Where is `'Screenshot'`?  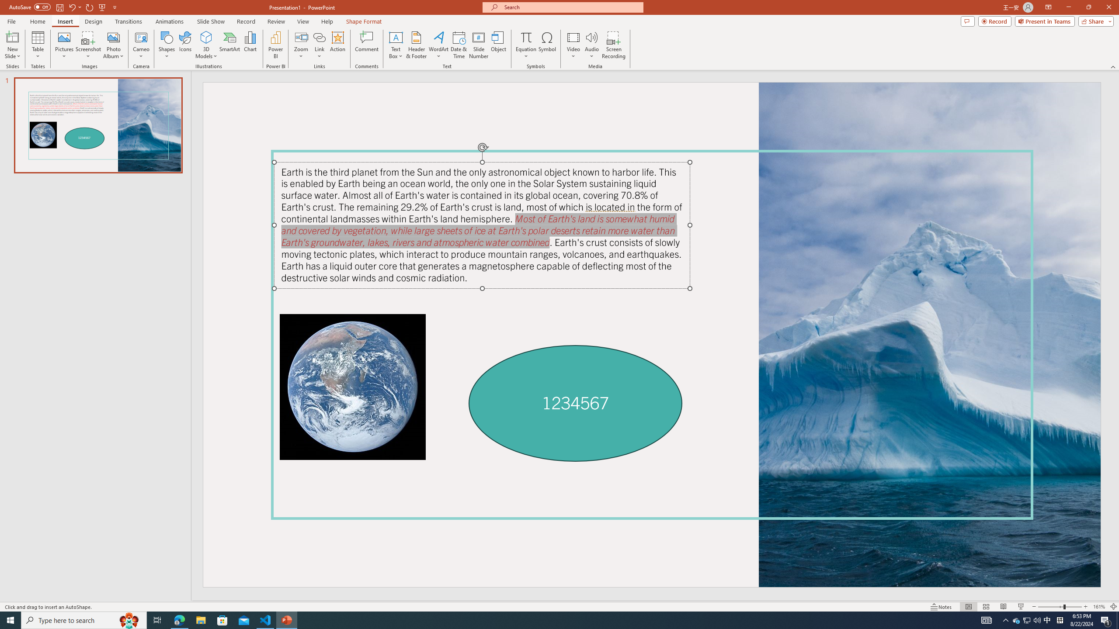 'Screenshot' is located at coordinates (88, 45).